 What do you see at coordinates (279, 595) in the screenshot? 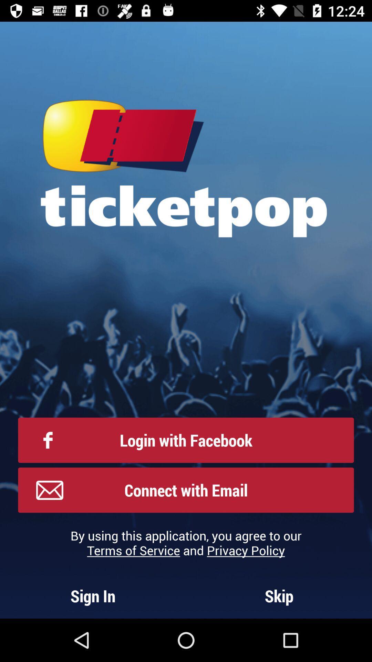
I see `the skip item` at bounding box center [279, 595].